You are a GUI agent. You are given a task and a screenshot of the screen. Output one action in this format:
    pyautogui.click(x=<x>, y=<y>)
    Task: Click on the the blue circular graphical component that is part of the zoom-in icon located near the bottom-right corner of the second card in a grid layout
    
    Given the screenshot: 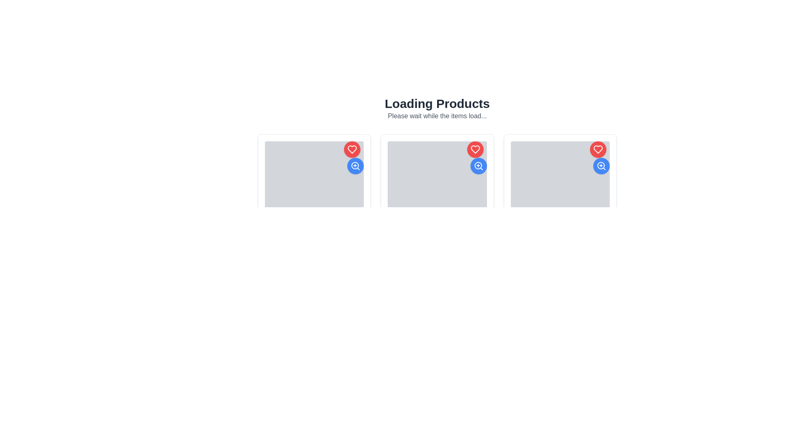 What is the action you would take?
    pyautogui.click(x=355, y=165)
    